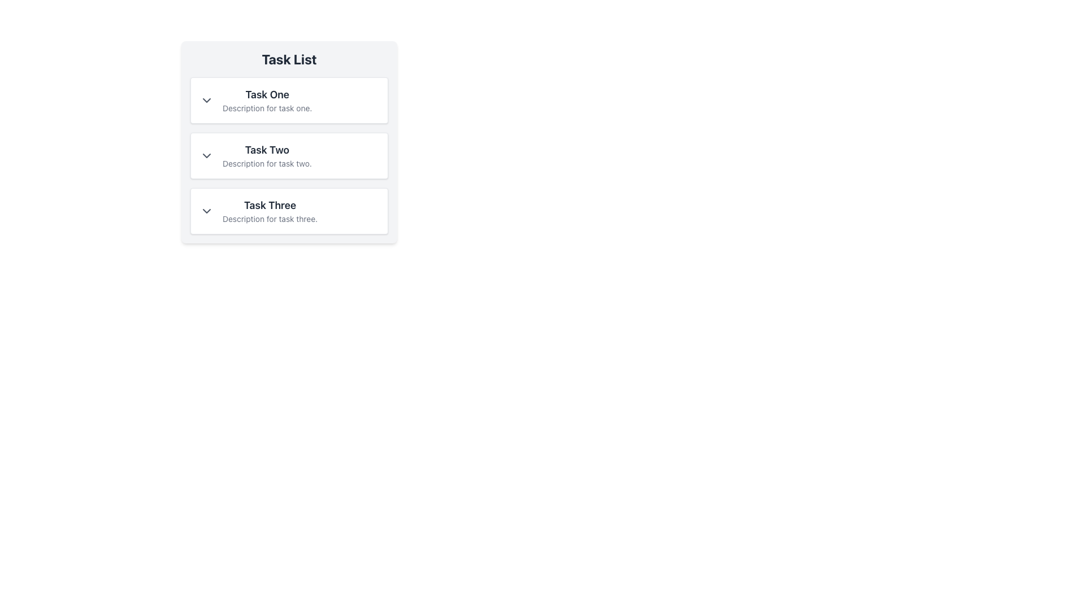 The image size is (1085, 610). Describe the element at coordinates (270, 205) in the screenshot. I see `the text label that identifies the third task in the 'Task List', positioned above 'Description for task three.'` at that location.